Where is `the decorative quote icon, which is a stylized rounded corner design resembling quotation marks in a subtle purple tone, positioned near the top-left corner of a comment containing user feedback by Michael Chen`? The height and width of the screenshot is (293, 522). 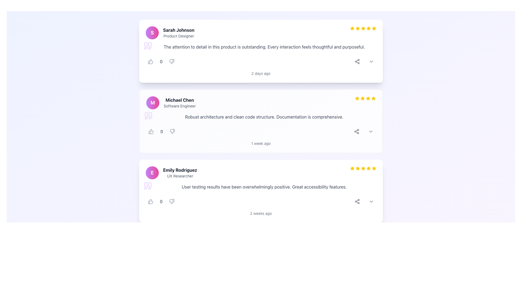 the decorative quote icon, which is a stylized rounded corner design resembling quotation marks in a subtle purple tone, positioned near the top-left corner of a comment containing user feedback by Michael Chen is located at coordinates (148, 116).